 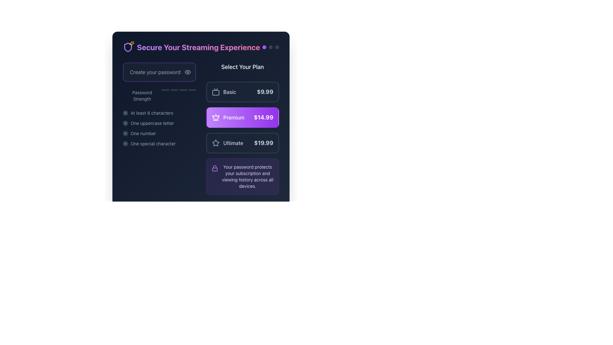 I want to click on the 'Premium' text label displayed in white color, which is part of the second option in the subscription plans list, located in the 'Select Your Plan' section, so click(x=233, y=117).